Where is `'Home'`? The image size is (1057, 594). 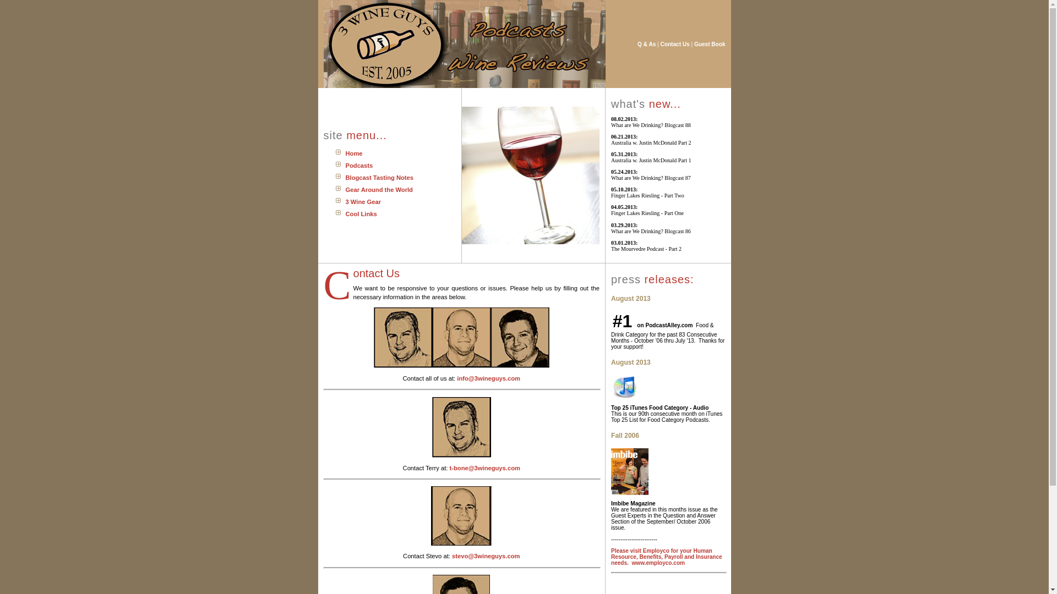
'Home' is located at coordinates (354, 153).